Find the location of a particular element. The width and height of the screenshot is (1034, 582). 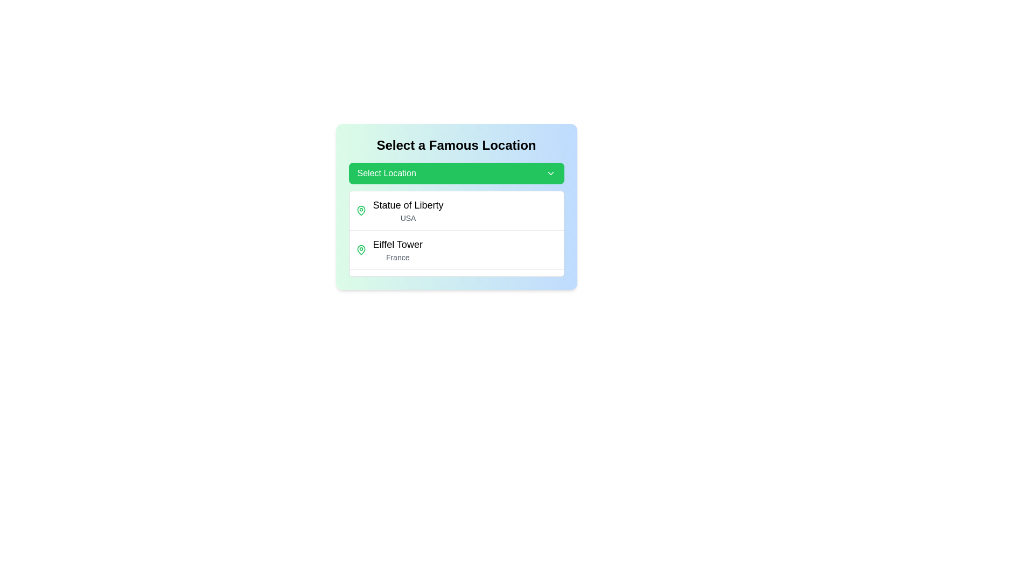

the green map pin icon located to the left of the text 'Statue of Liberty', which is positioned in the upper section of the location entries list is located at coordinates (361, 210).